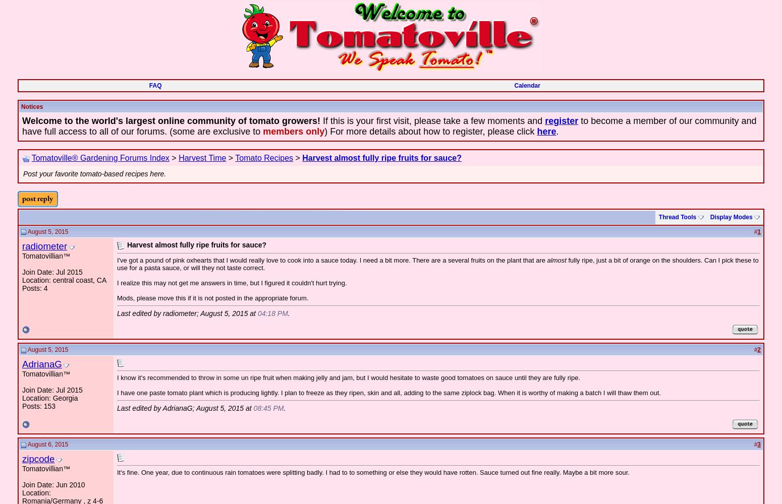  I want to click on 'Welcome to the world's largest online community of tomato growers!', so click(22, 120).